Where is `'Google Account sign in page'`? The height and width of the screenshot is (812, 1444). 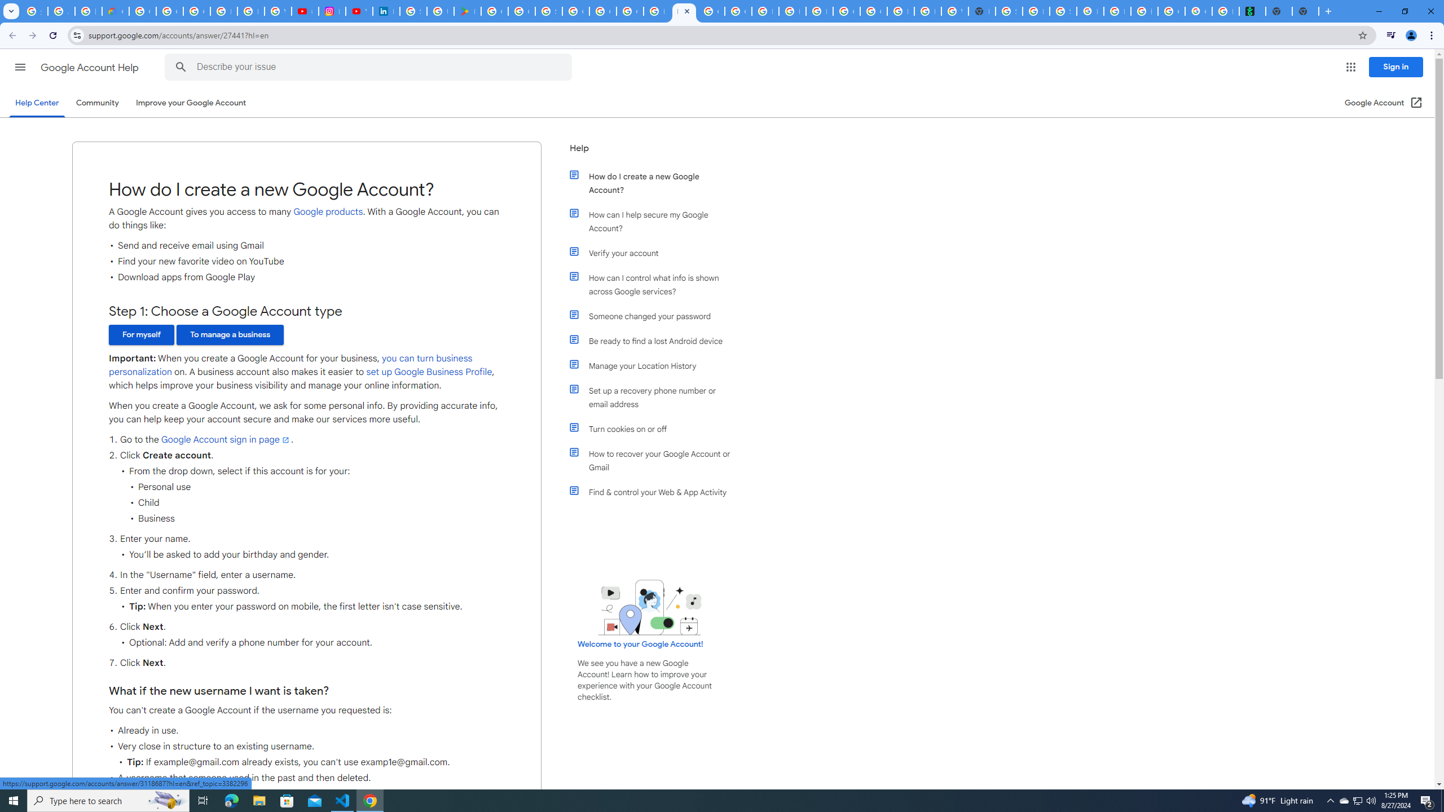
'Google Account sign in page' is located at coordinates (225, 440).